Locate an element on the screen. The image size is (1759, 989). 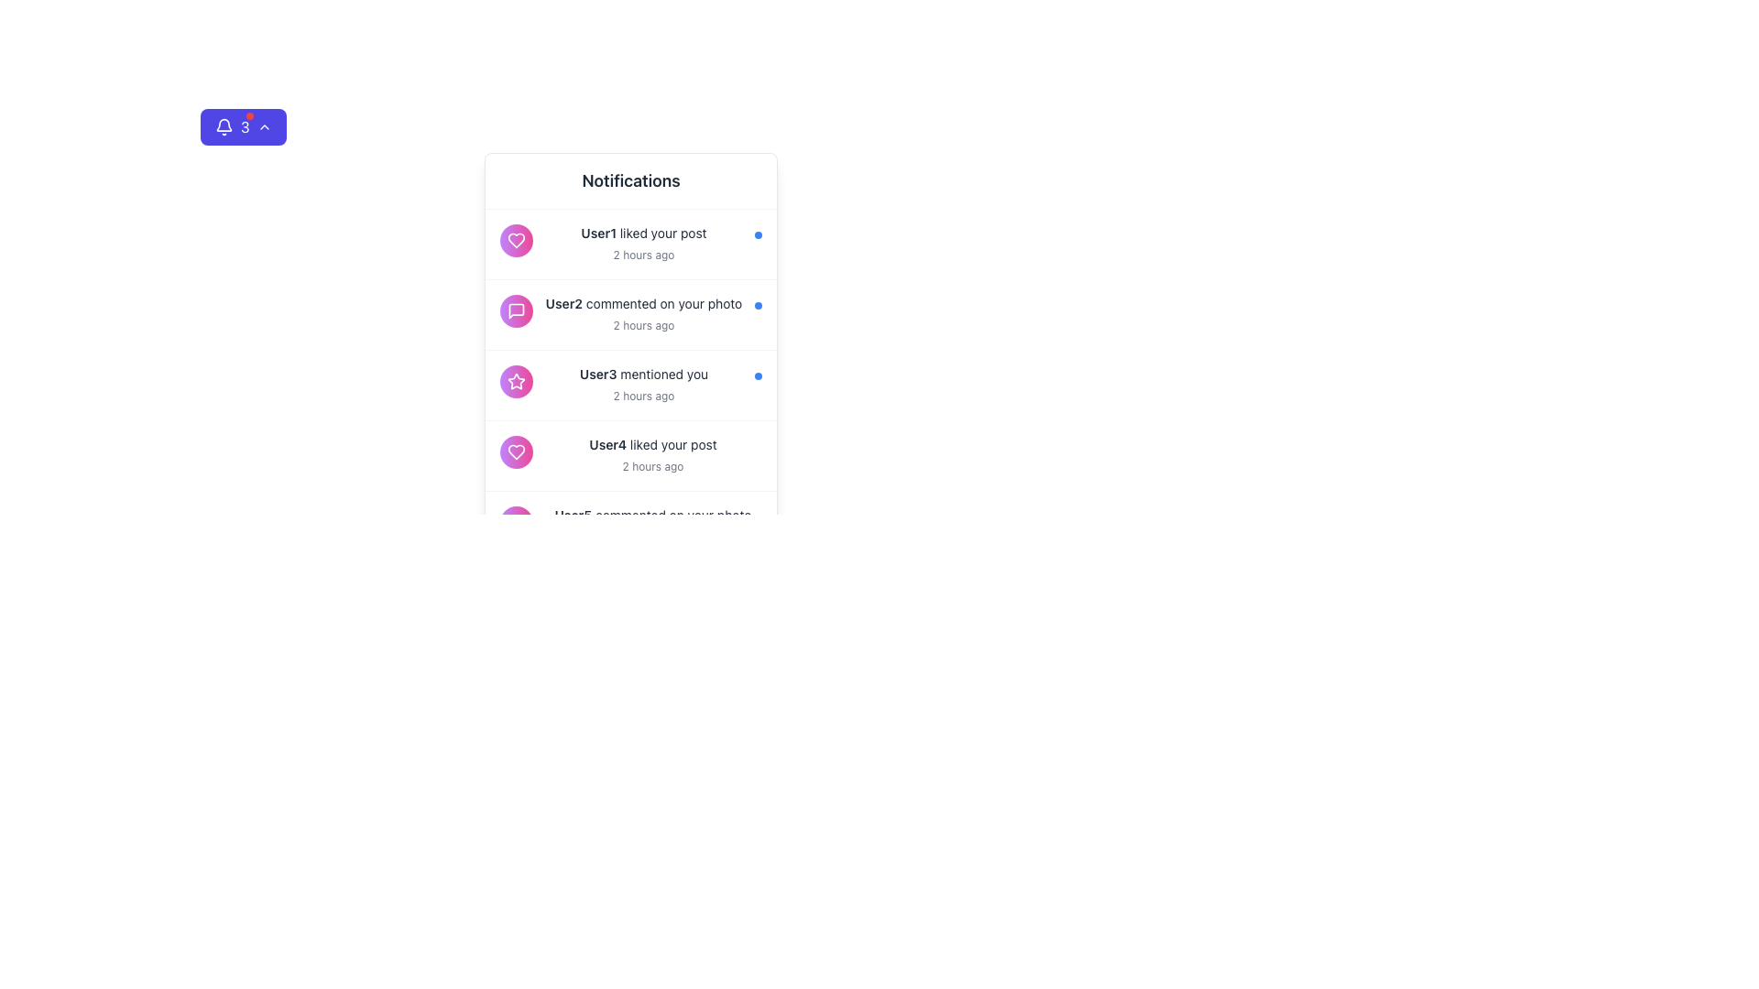
notification details from the vertically scrollable list located in the notifications panel, which contains user action descriptions, icons, and timestamps is located at coordinates (631, 385).